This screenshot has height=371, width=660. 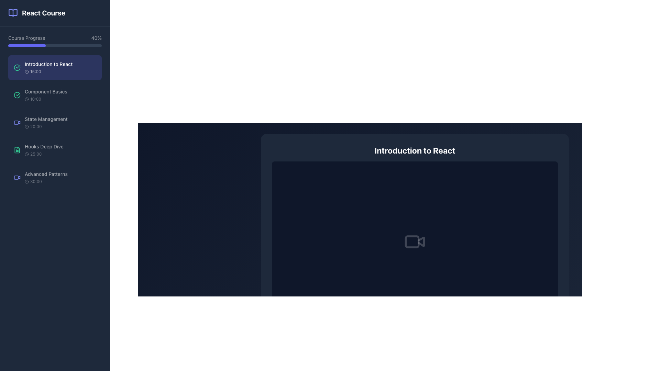 What do you see at coordinates (60, 122) in the screenshot?
I see `the 'State Management' course module in the sidebar, which is the third item under 'Course Progress'` at bounding box center [60, 122].